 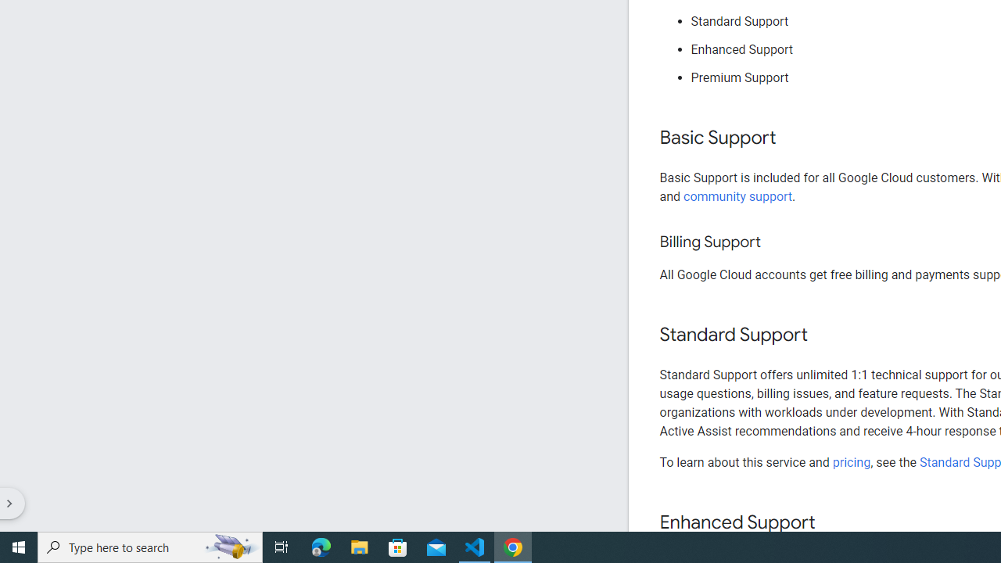 What do you see at coordinates (737, 195) in the screenshot?
I see `'community support'` at bounding box center [737, 195].